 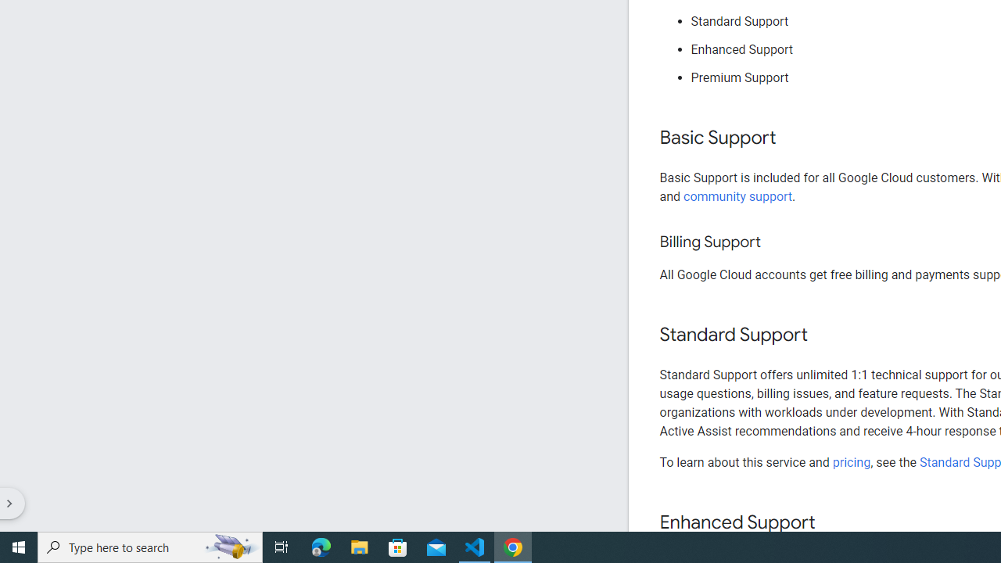 What do you see at coordinates (737, 195) in the screenshot?
I see `'community support'` at bounding box center [737, 195].